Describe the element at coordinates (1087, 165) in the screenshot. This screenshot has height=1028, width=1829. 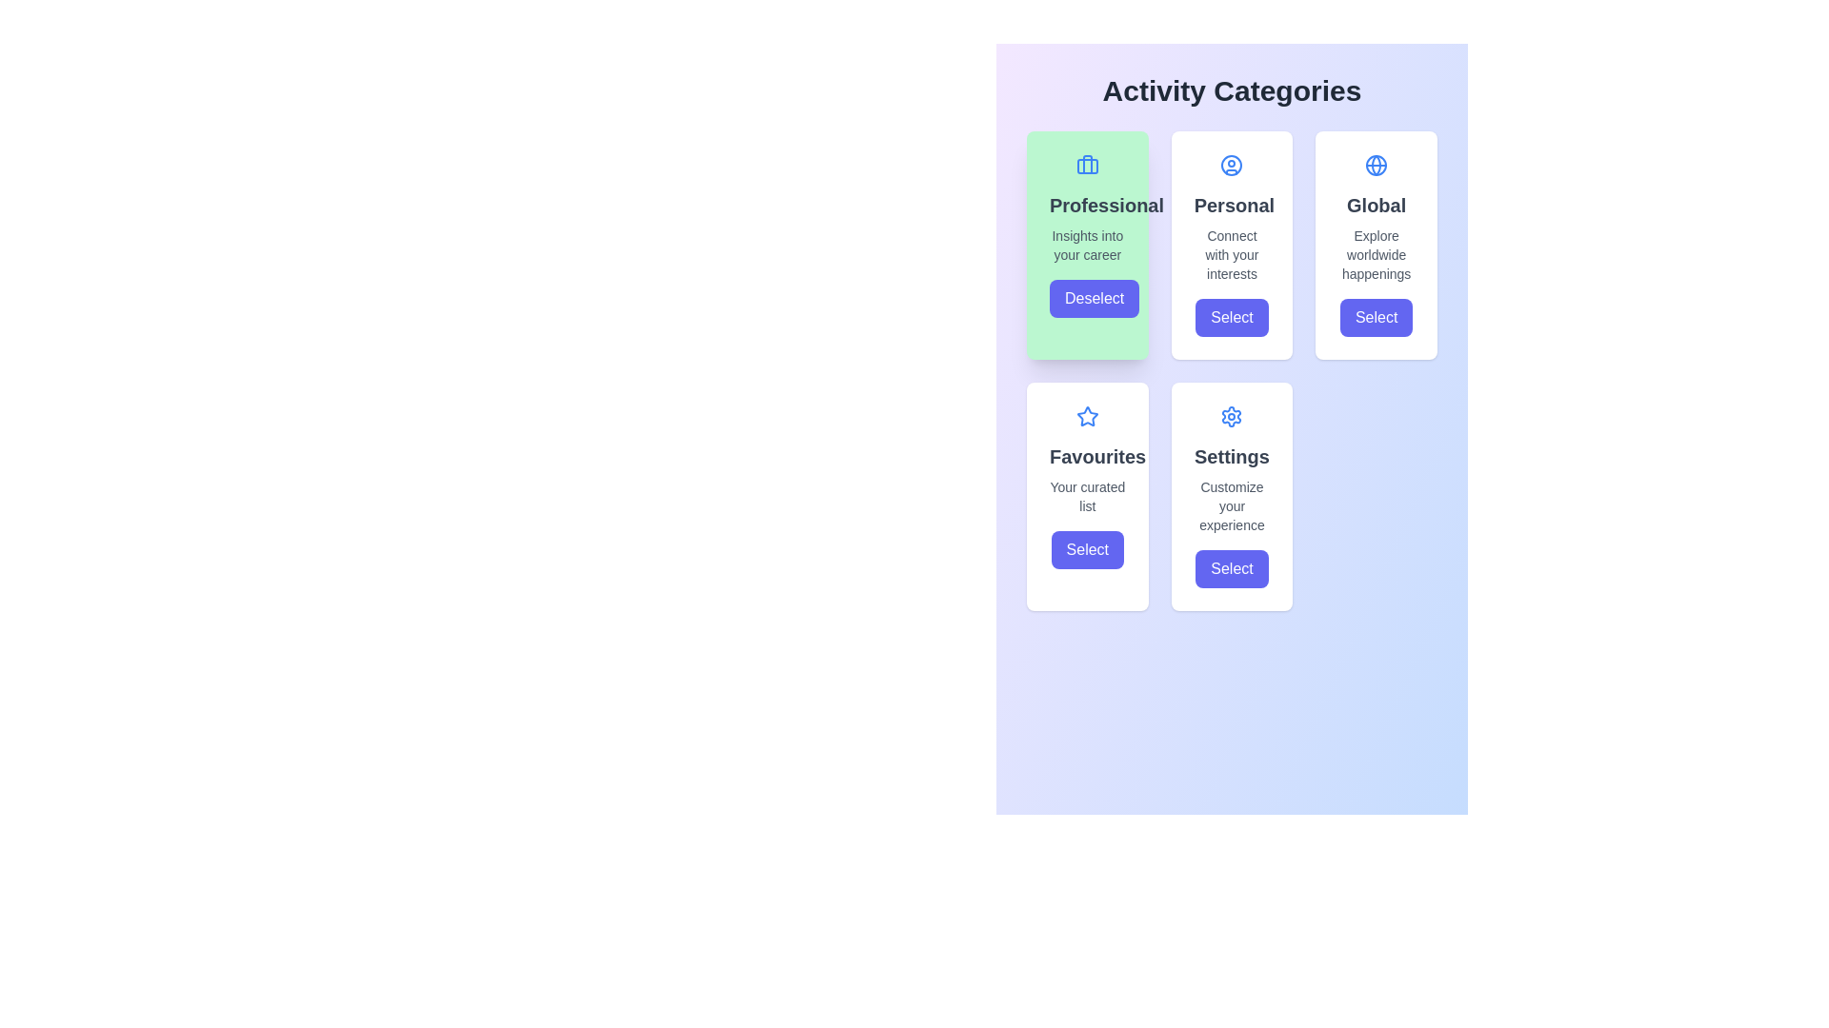
I see `rectangular shape with rounded corners that is part of the briefcase icon located in the top left card titled 'Professional' by using developer tools` at that location.